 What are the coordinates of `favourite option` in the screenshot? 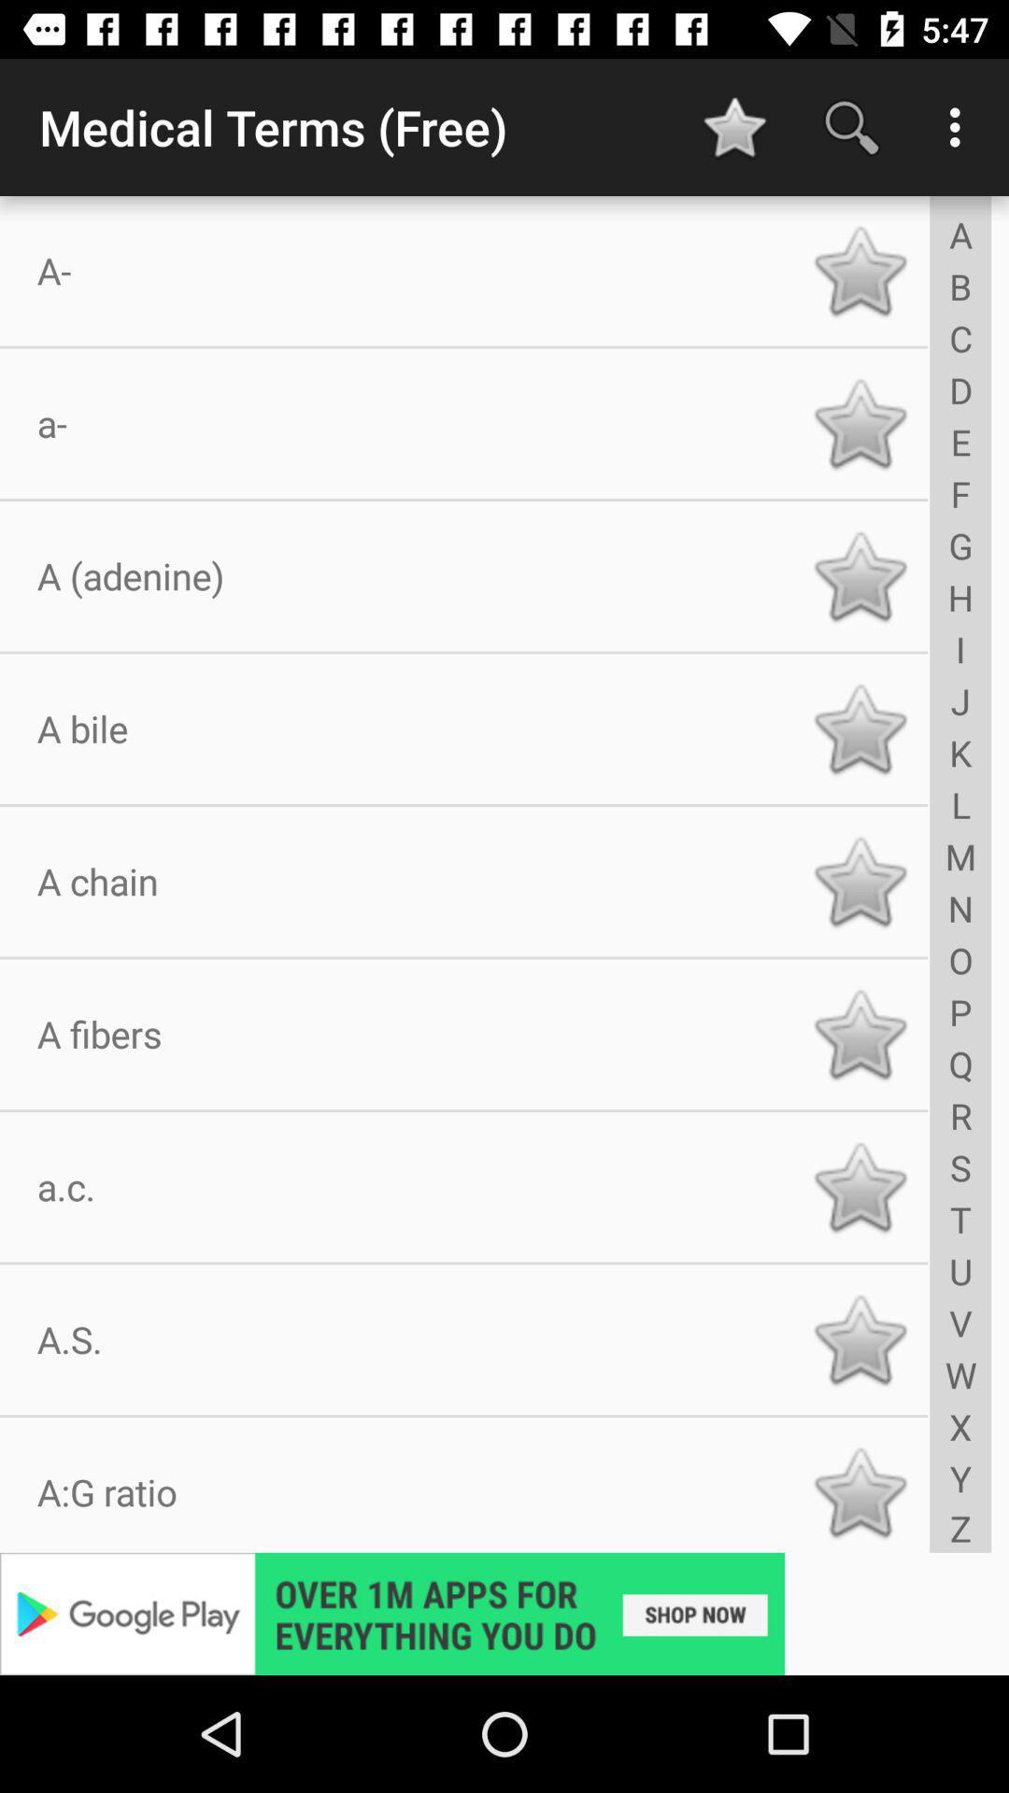 It's located at (860, 1338).